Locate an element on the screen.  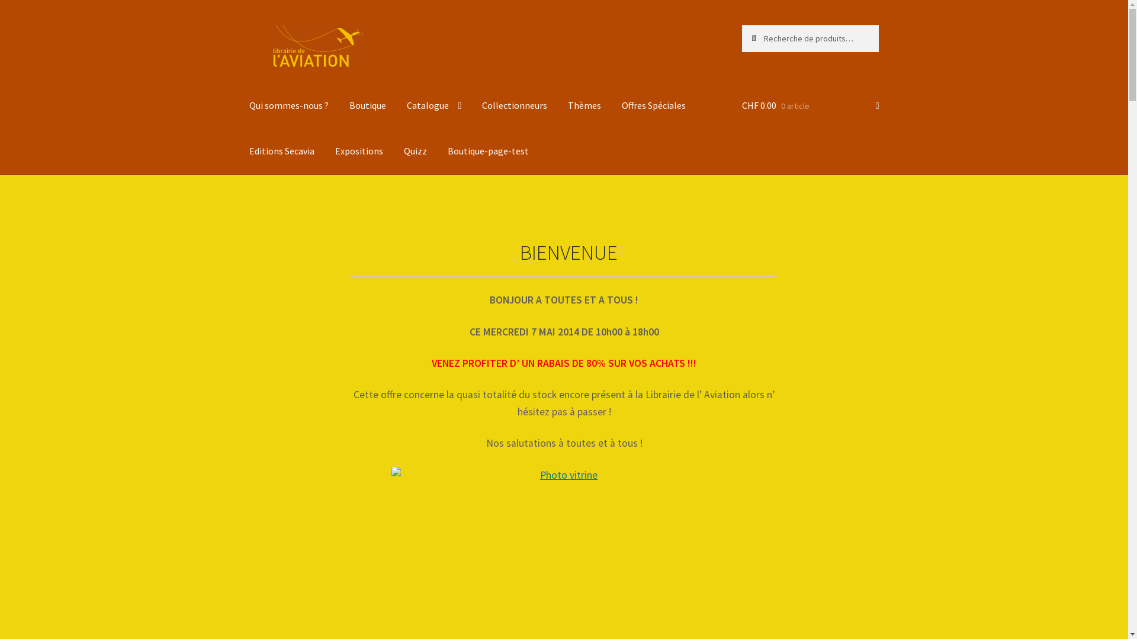
'Editions Secavia' is located at coordinates (281, 150).